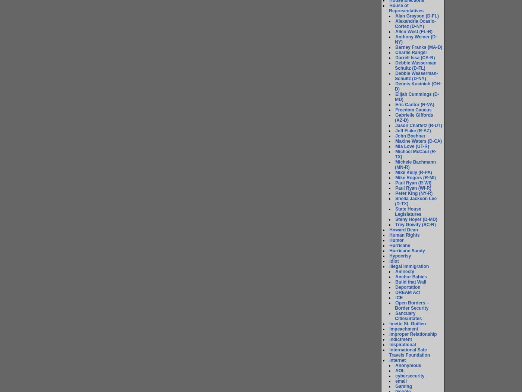 Image resolution: width=522 pixels, height=392 pixels. What do you see at coordinates (415, 165) in the screenshot?
I see `'Michele Bachmann (MN-R)'` at bounding box center [415, 165].